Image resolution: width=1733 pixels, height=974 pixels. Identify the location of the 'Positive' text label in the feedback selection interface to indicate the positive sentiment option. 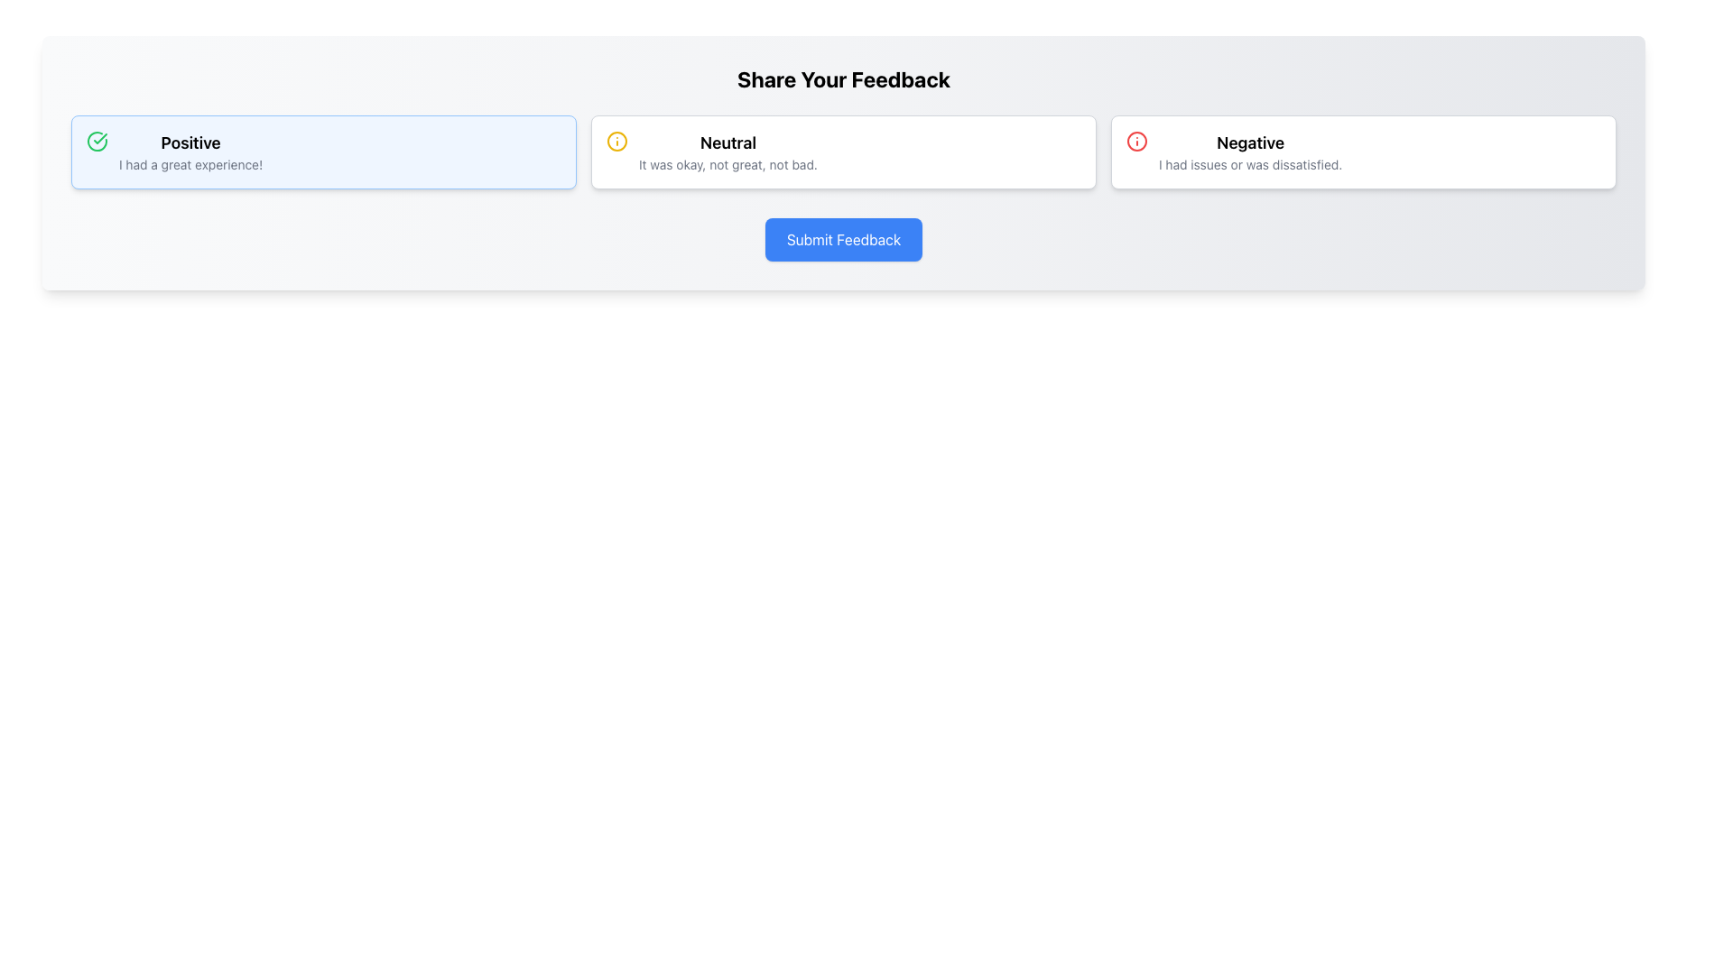
(190, 142).